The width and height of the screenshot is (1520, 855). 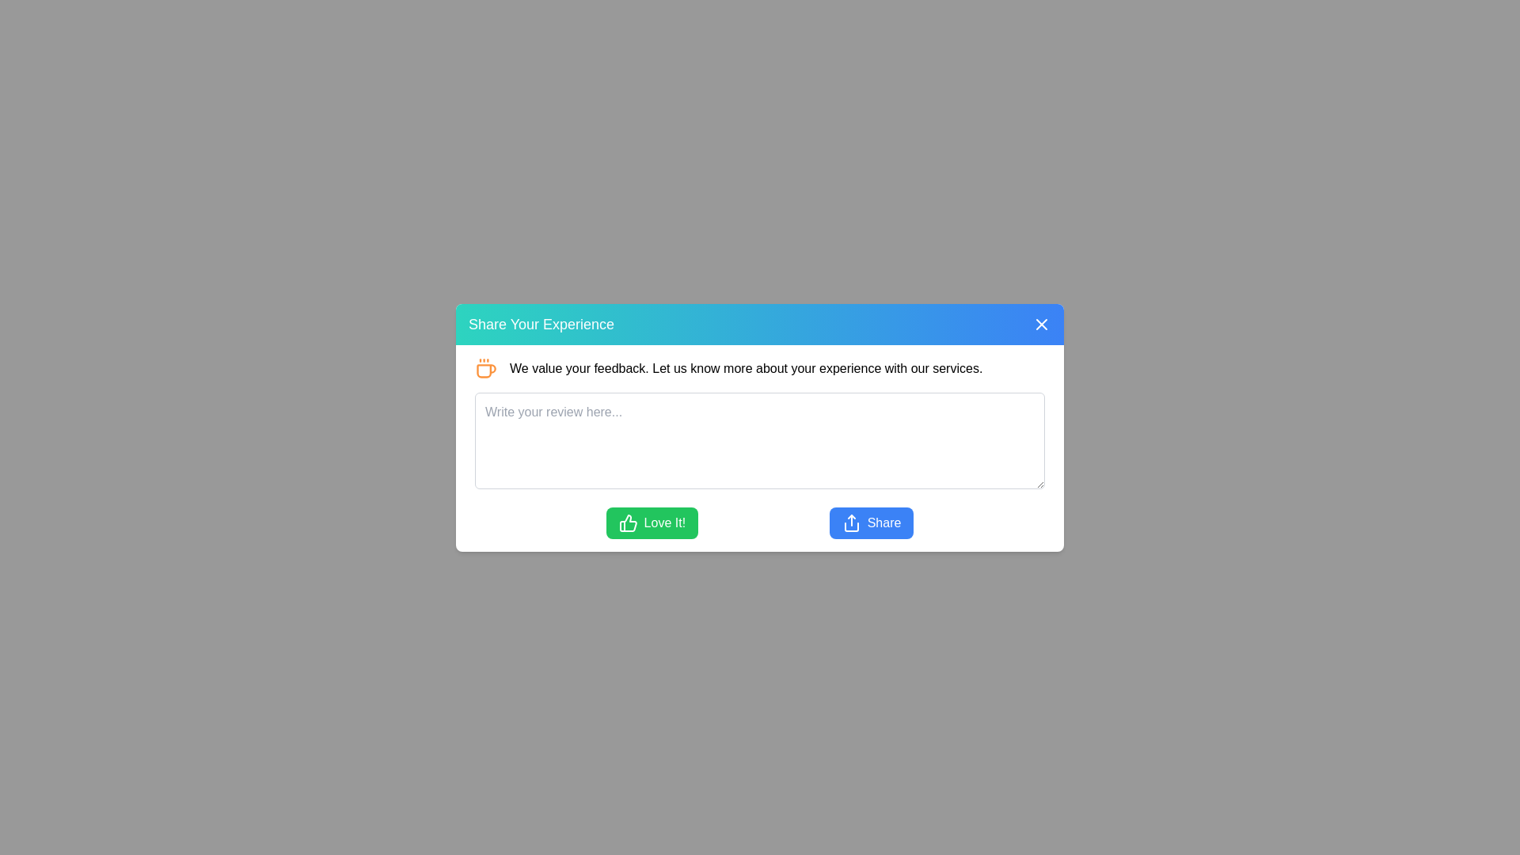 I want to click on the close button located in the top right corner of the 'Share Your Experience' modal, so click(x=1041, y=323).